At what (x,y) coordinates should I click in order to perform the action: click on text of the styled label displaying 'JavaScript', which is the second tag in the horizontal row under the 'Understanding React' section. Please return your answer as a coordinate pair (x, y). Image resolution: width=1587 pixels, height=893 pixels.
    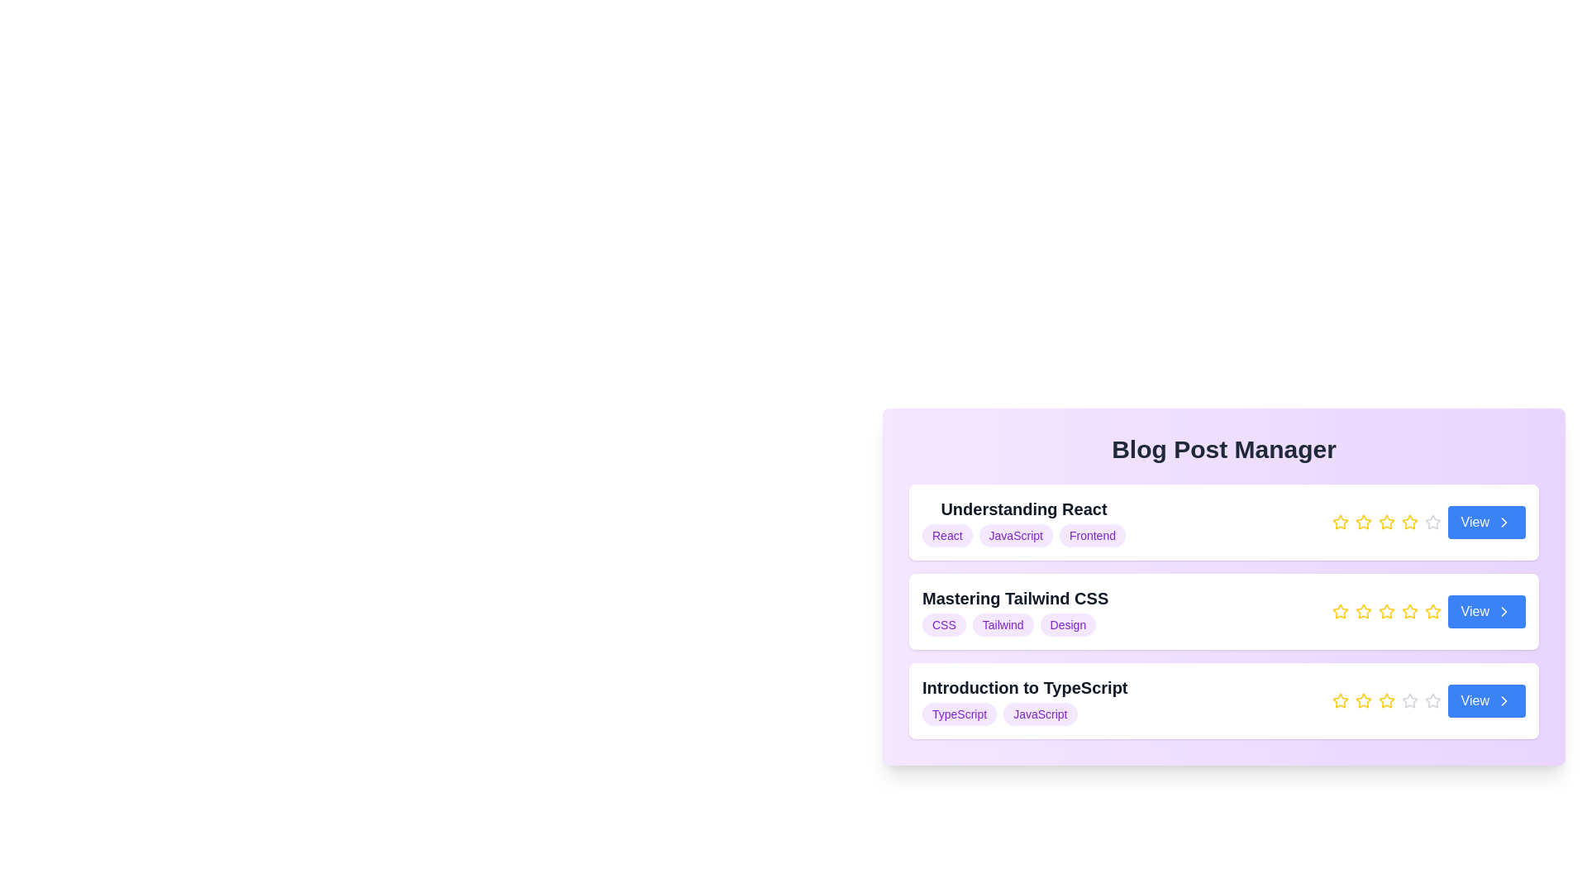
    Looking at the image, I should click on (1015, 536).